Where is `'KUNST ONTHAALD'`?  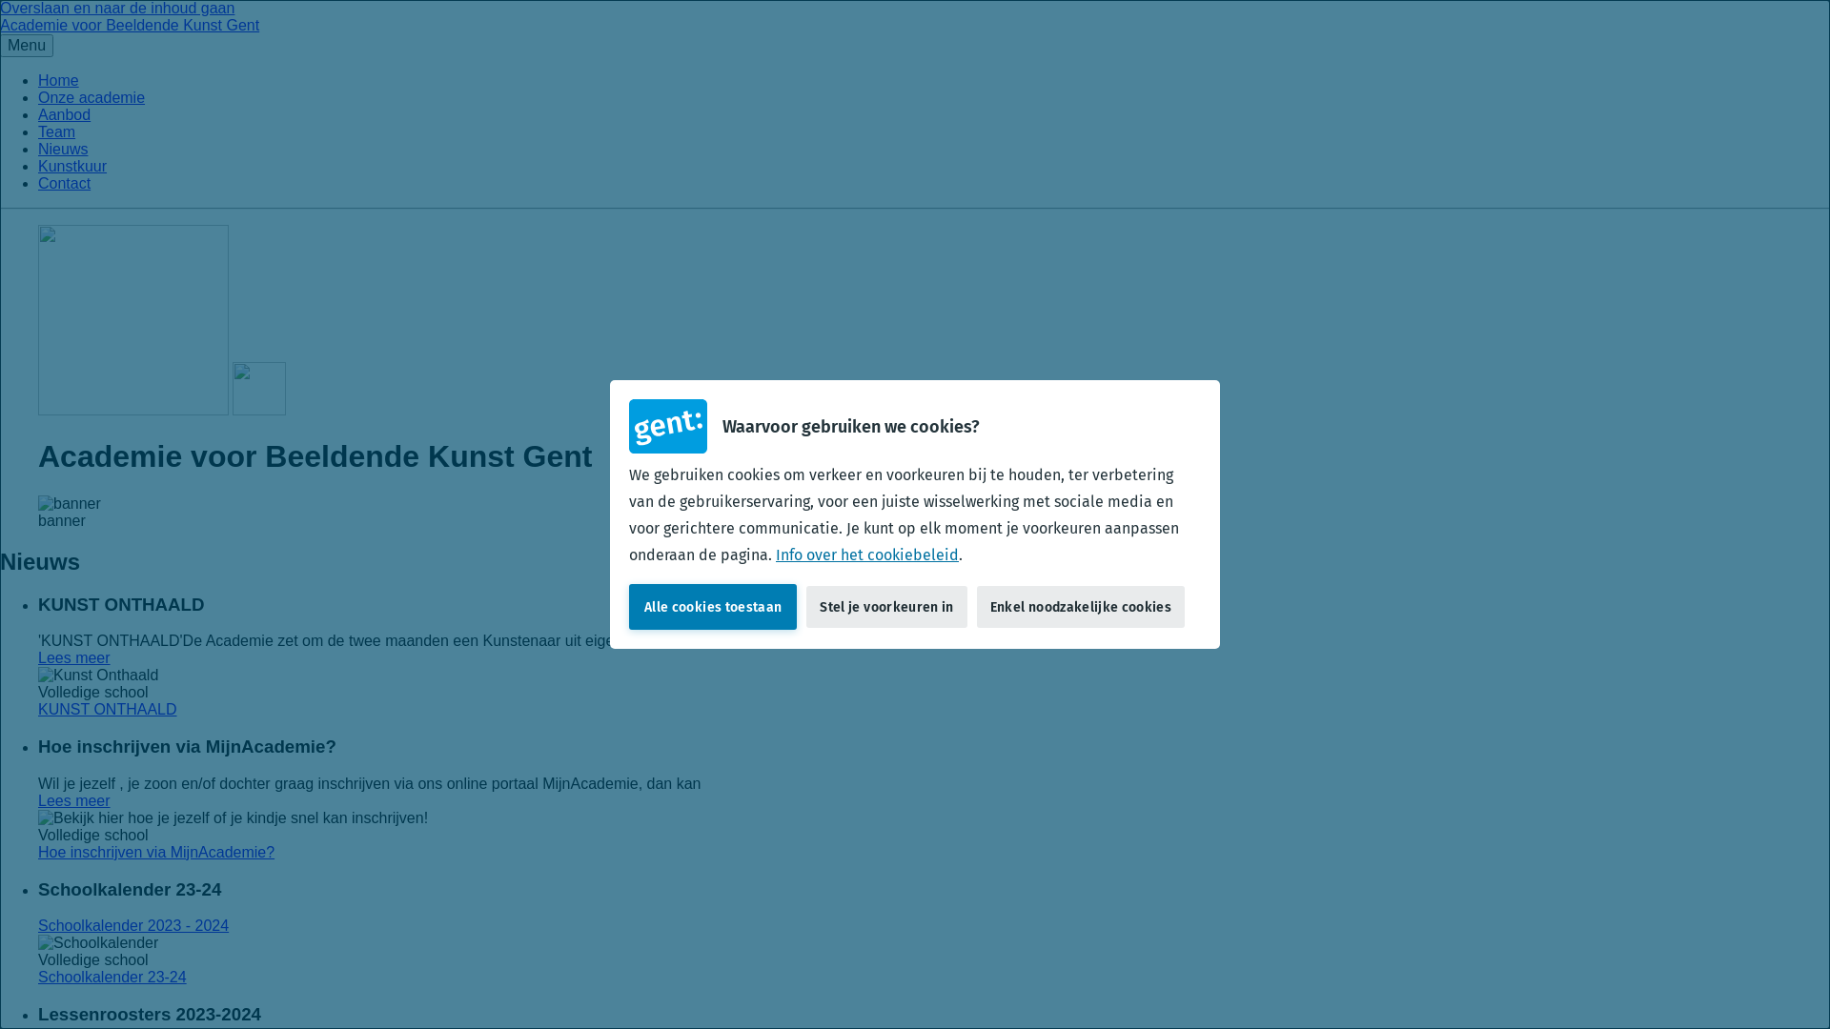
'KUNST ONTHAALD' is located at coordinates (107, 709).